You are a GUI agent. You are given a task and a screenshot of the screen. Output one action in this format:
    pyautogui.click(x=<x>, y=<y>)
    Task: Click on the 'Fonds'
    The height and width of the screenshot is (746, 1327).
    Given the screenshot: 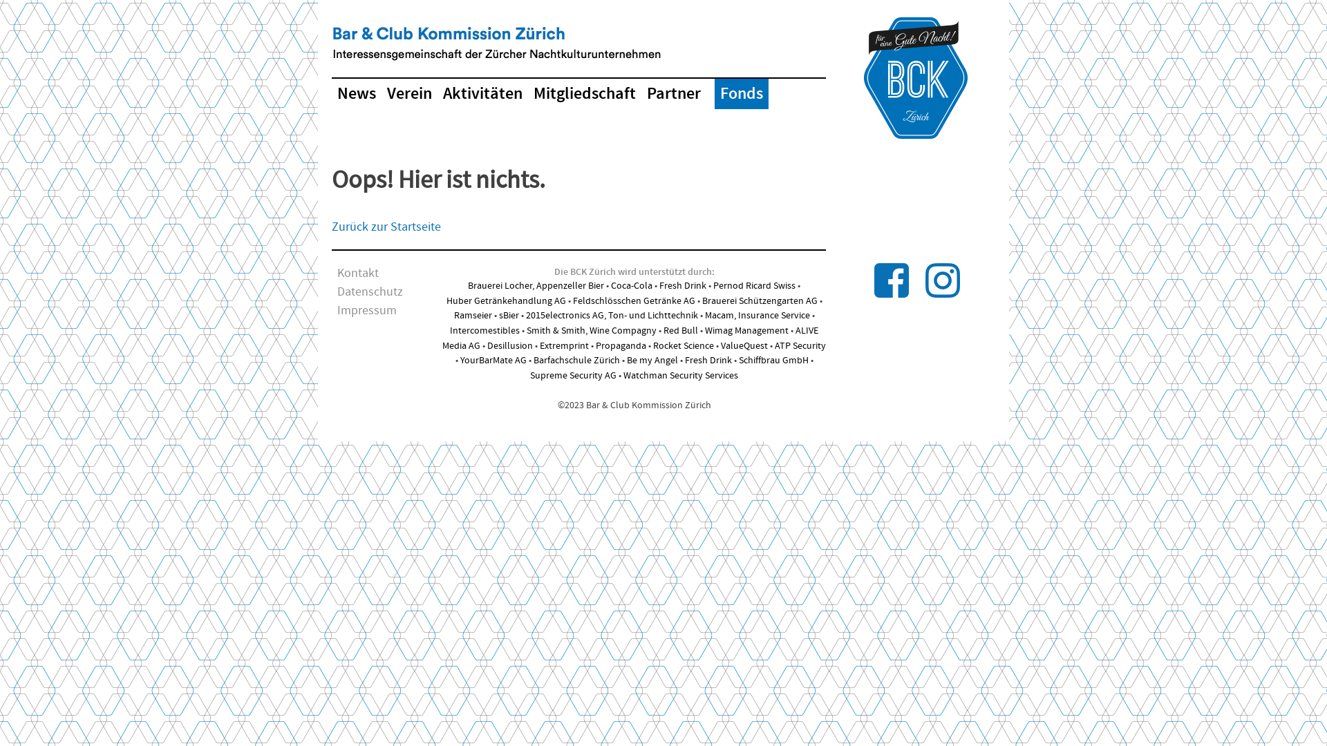 What is the action you would take?
    pyautogui.click(x=741, y=93)
    